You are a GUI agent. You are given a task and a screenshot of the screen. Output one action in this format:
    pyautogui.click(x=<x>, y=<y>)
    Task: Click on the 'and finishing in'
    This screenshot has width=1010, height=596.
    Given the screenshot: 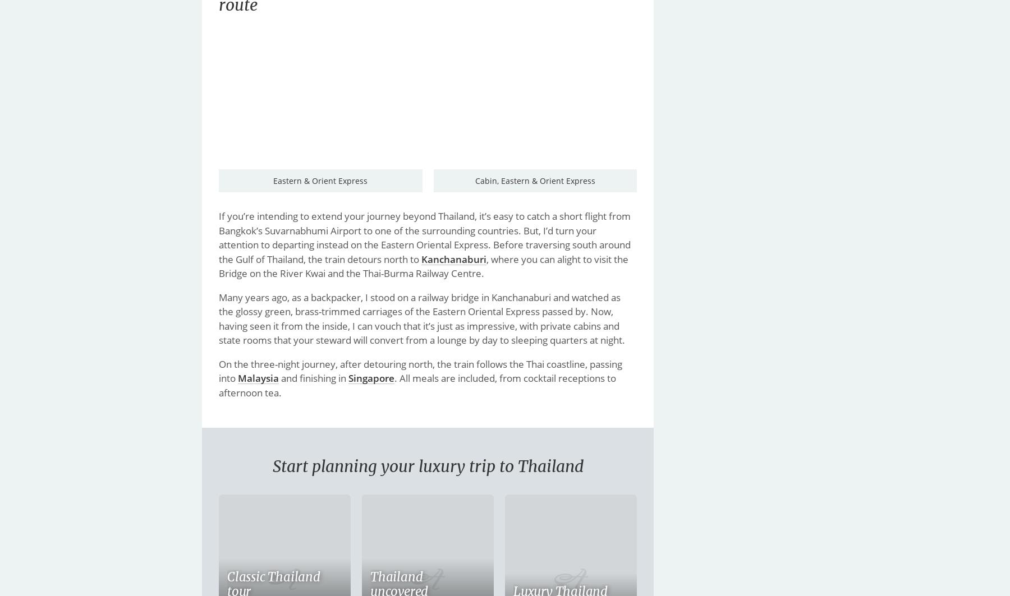 What is the action you would take?
    pyautogui.click(x=313, y=377)
    